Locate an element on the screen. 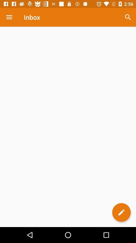  the edit icon is located at coordinates (121, 212).